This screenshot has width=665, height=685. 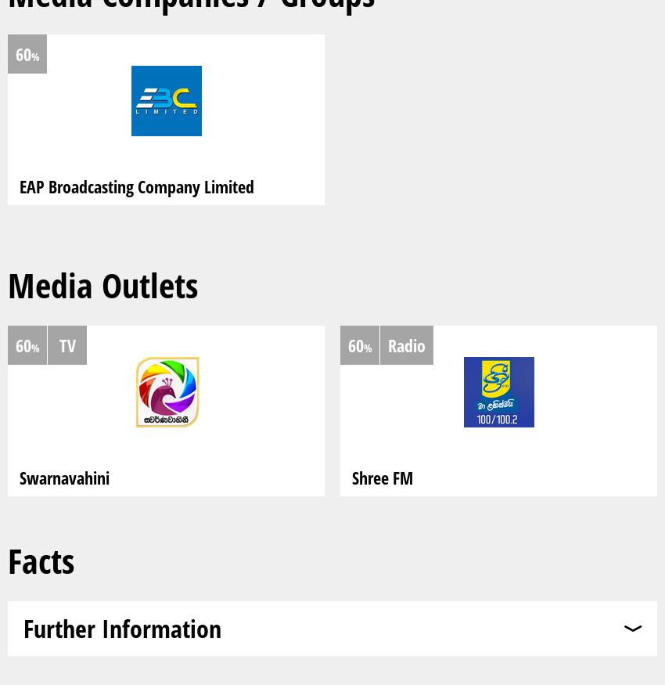 What do you see at coordinates (122, 627) in the screenshot?
I see `'Further Information'` at bounding box center [122, 627].